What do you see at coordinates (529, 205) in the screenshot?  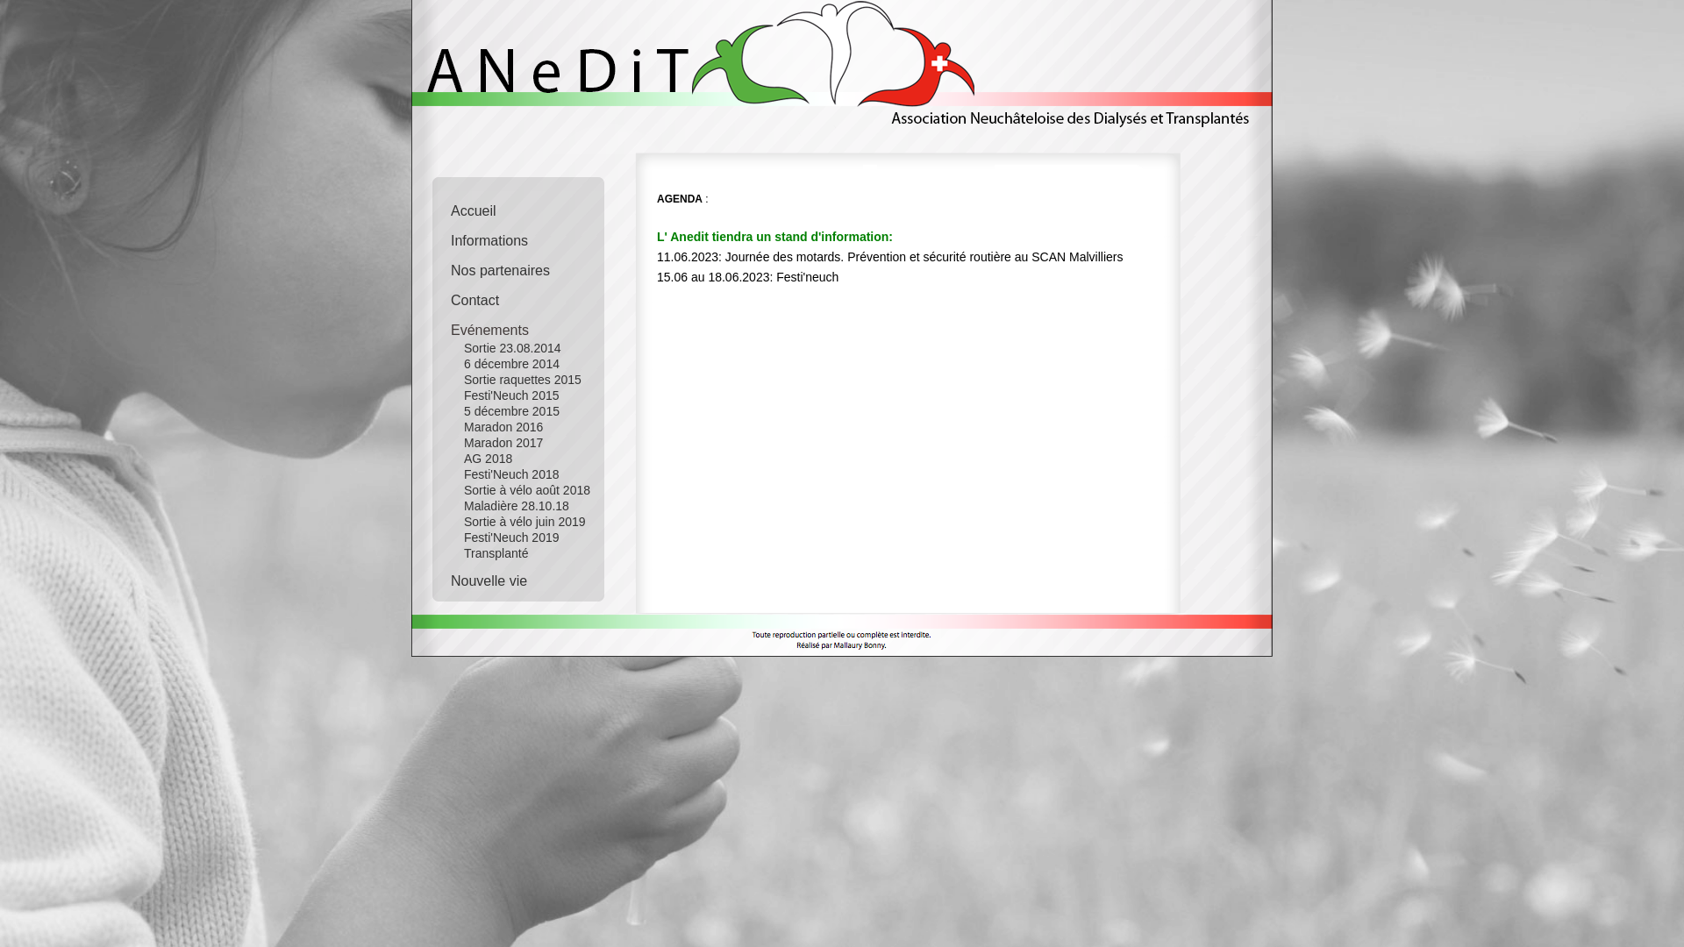 I see `'Accueil'` at bounding box center [529, 205].